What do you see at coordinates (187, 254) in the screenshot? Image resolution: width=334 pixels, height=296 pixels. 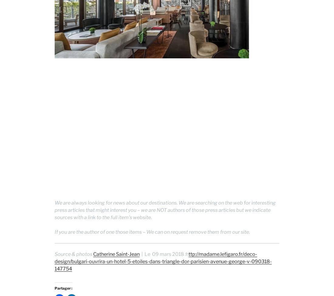 I see `'h'` at bounding box center [187, 254].